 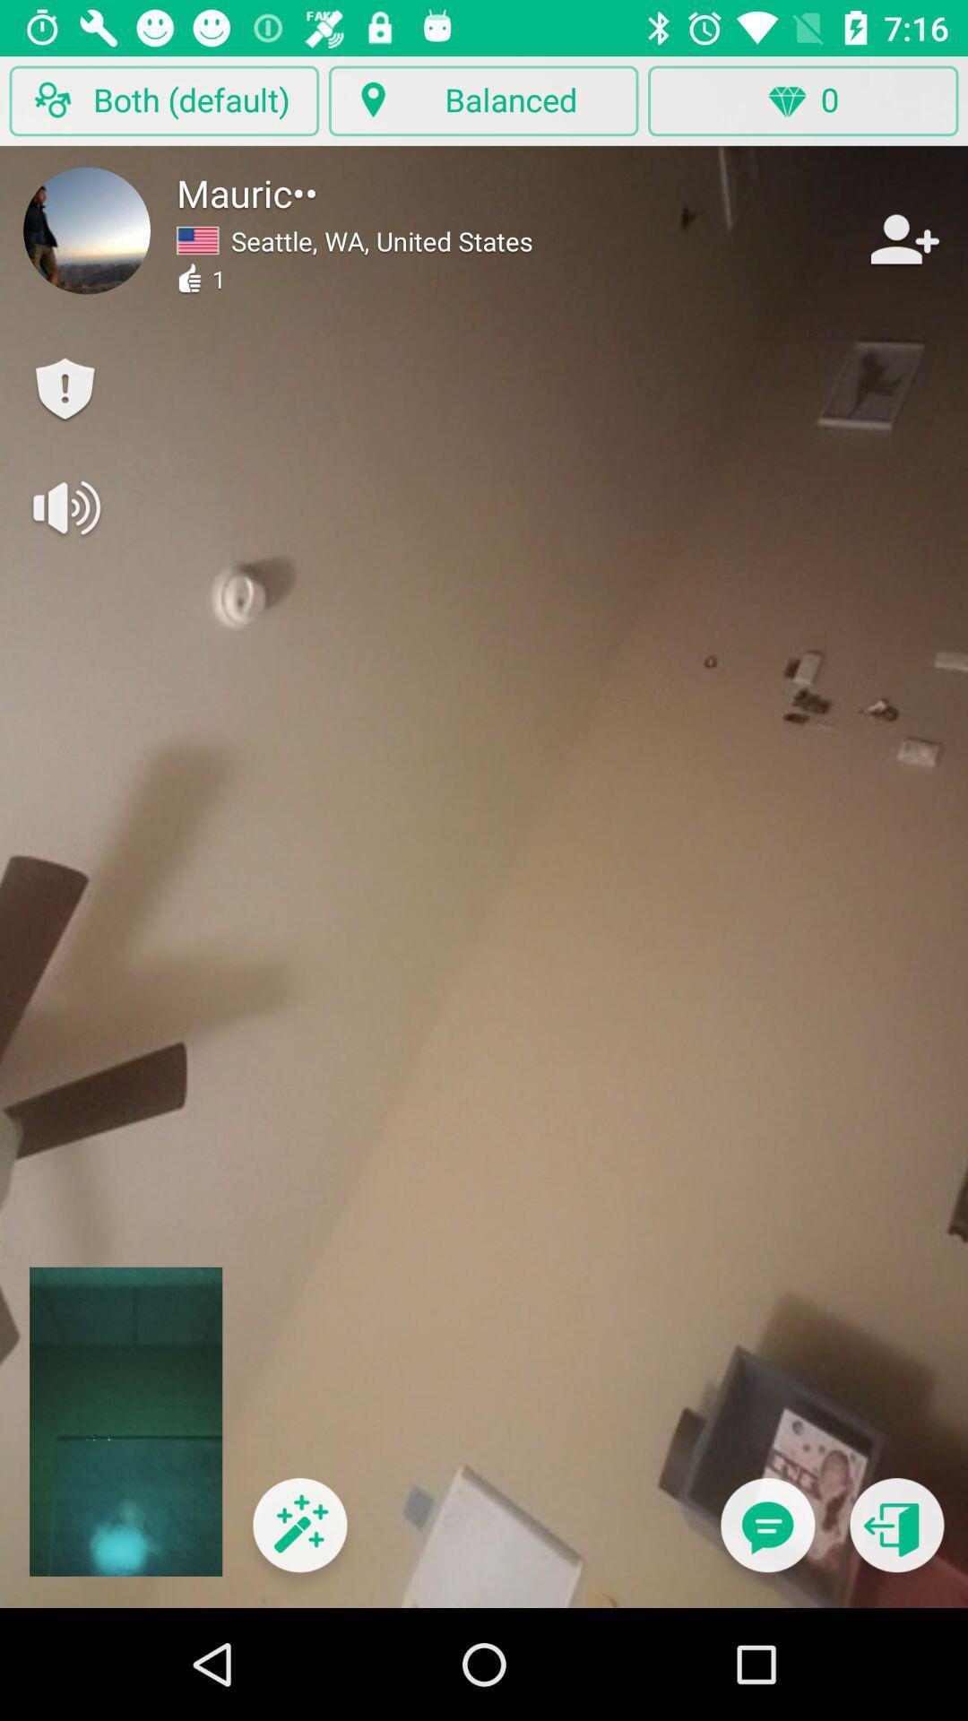 I want to click on comment, so click(x=766, y=1535).